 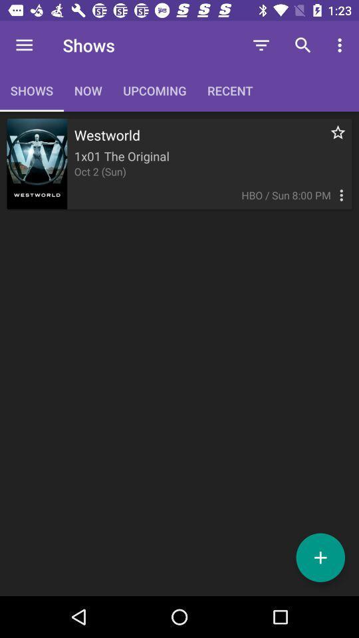 What do you see at coordinates (320, 558) in the screenshot?
I see `the add icon` at bounding box center [320, 558].